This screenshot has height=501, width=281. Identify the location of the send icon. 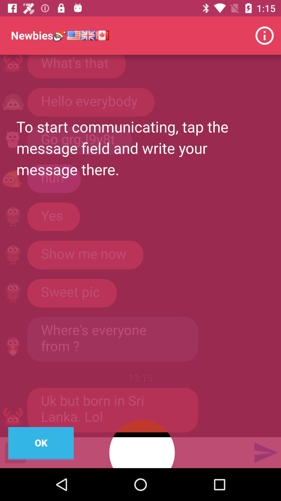
(265, 452).